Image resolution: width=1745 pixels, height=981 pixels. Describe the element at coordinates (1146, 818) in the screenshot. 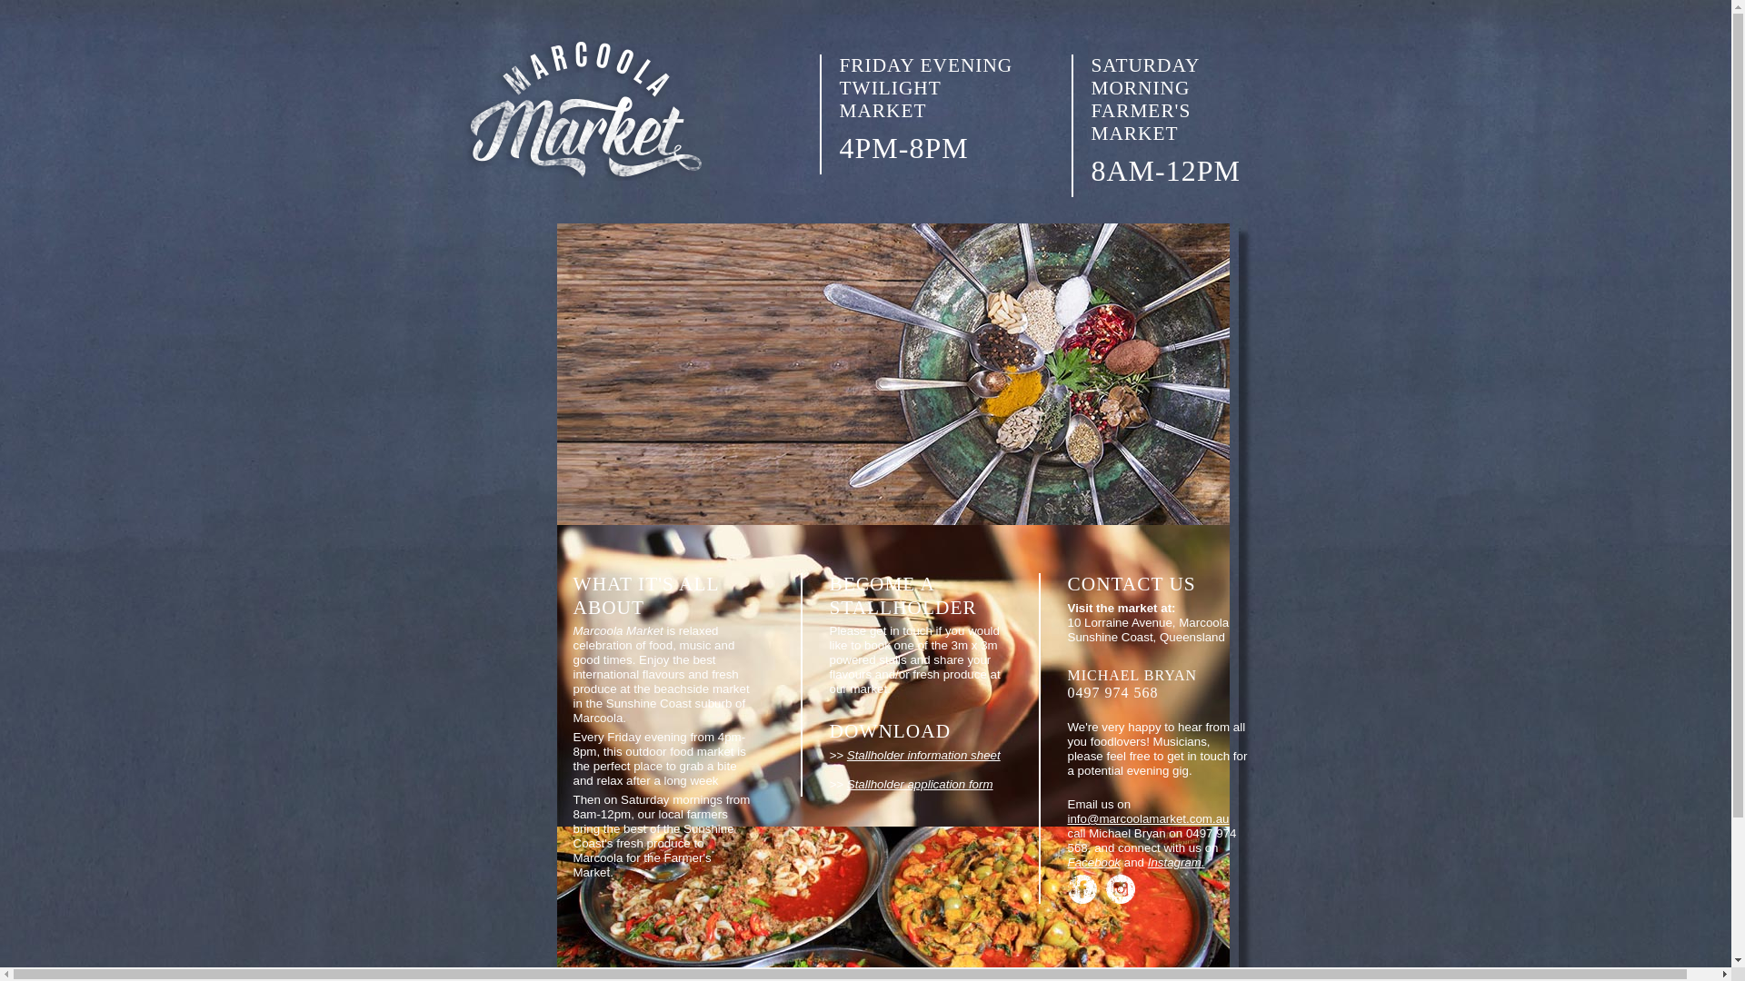

I see `'info@marcoolamarket.com.au'` at that location.